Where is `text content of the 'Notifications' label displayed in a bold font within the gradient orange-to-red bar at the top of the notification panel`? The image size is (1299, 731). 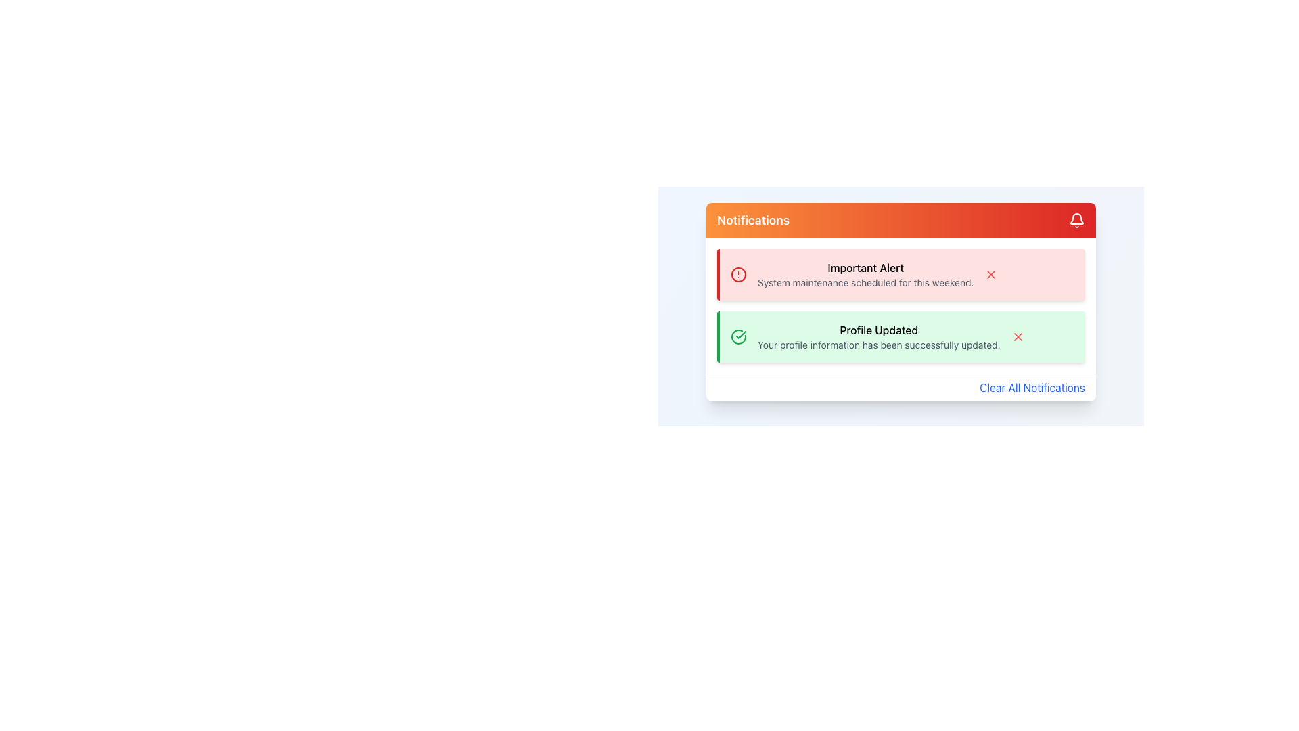 text content of the 'Notifications' label displayed in a bold font within the gradient orange-to-red bar at the top of the notification panel is located at coordinates (752, 220).